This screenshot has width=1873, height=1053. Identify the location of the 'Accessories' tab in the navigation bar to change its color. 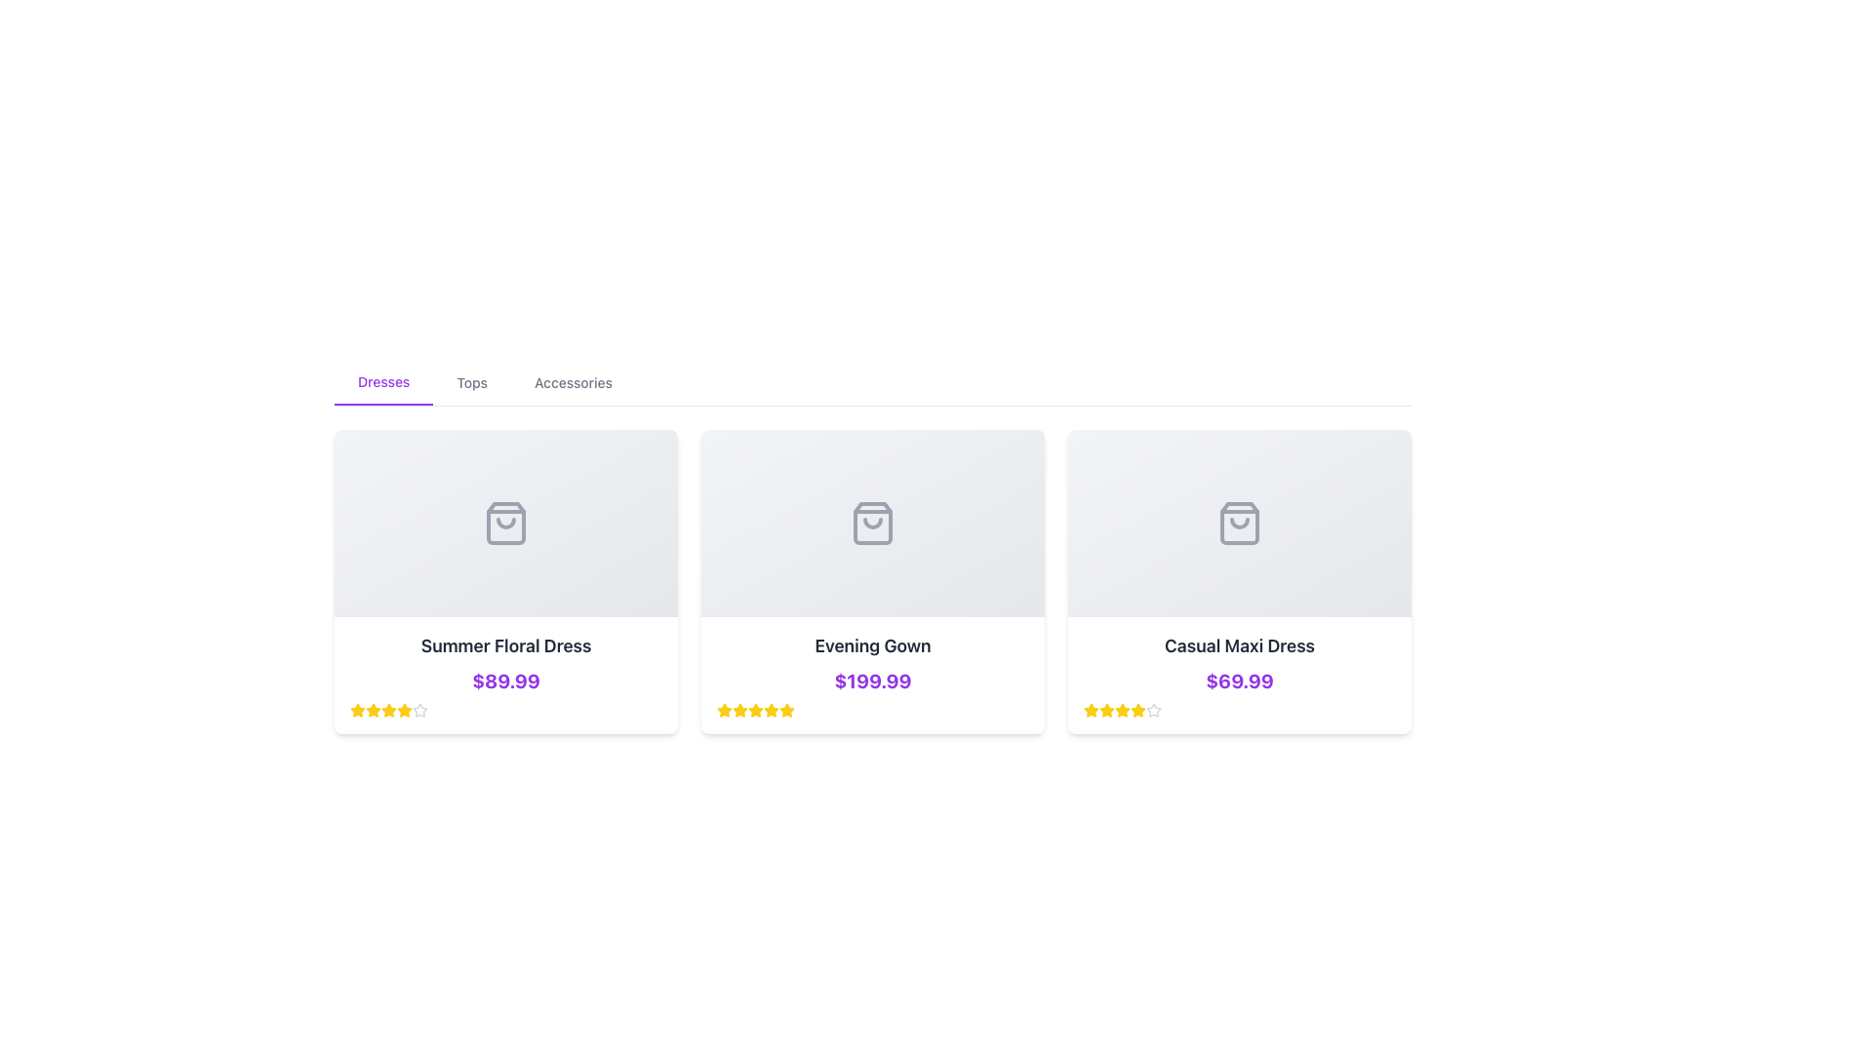
(572, 383).